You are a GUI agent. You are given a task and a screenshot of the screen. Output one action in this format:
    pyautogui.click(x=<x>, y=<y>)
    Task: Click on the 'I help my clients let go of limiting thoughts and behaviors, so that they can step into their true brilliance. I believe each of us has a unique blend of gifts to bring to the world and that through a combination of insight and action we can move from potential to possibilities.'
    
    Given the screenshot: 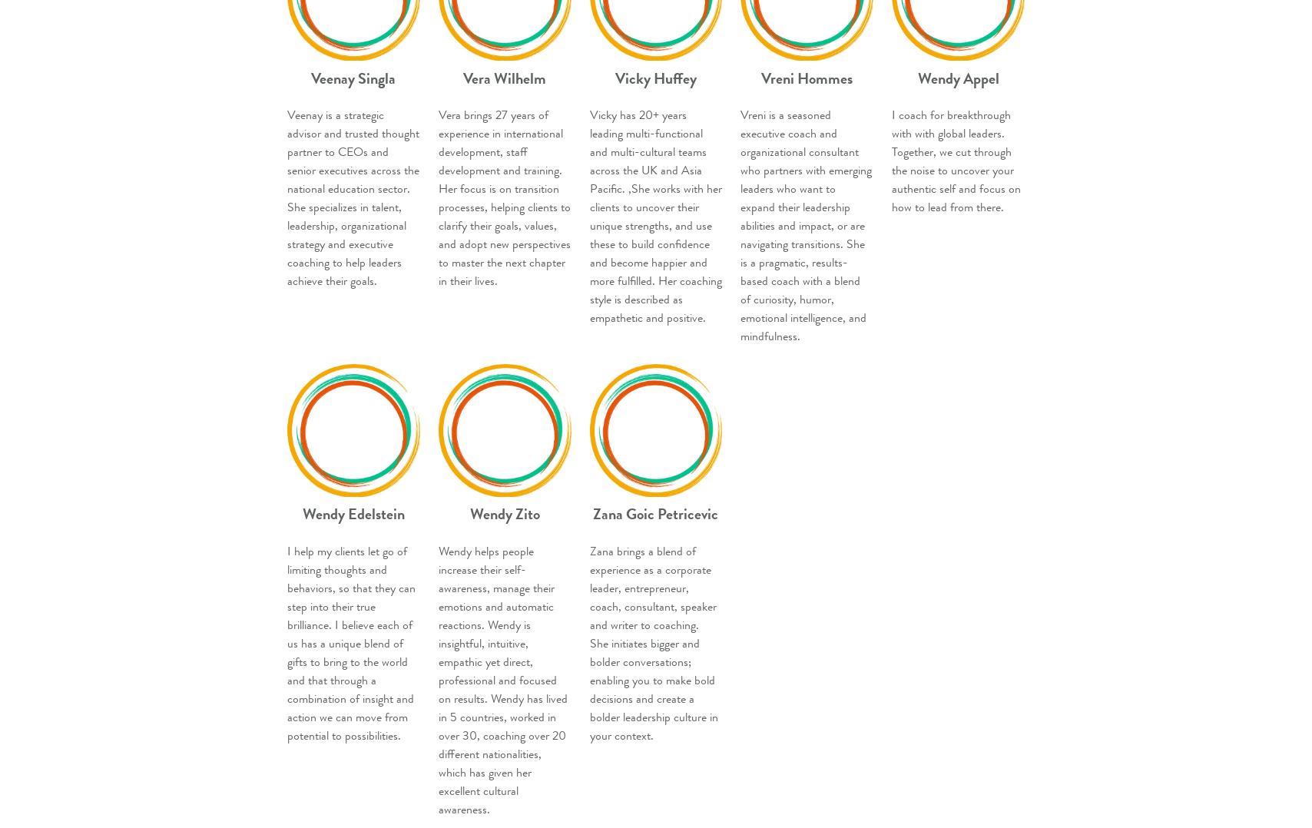 What is the action you would take?
    pyautogui.click(x=351, y=642)
    